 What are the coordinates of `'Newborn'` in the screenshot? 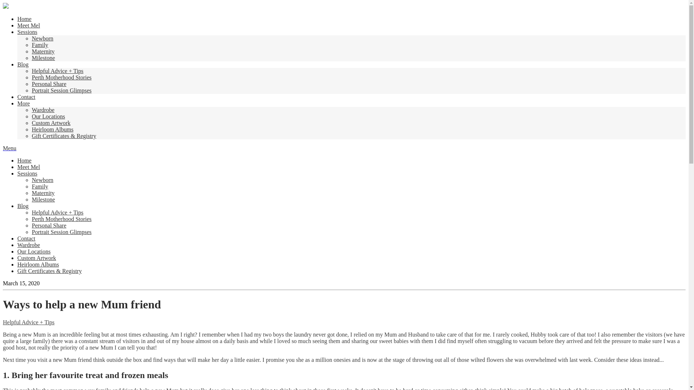 It's located at (31, 38).